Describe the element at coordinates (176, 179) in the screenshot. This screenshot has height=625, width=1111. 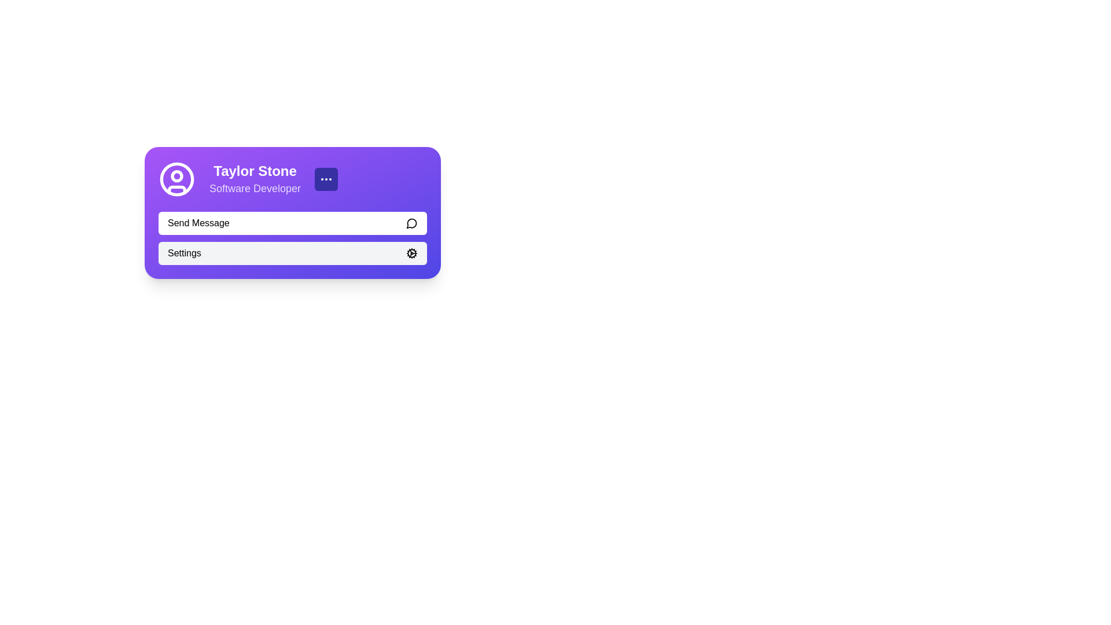
I see `the purple circle element located at the center of the user profile icon within the purple card` at that location.